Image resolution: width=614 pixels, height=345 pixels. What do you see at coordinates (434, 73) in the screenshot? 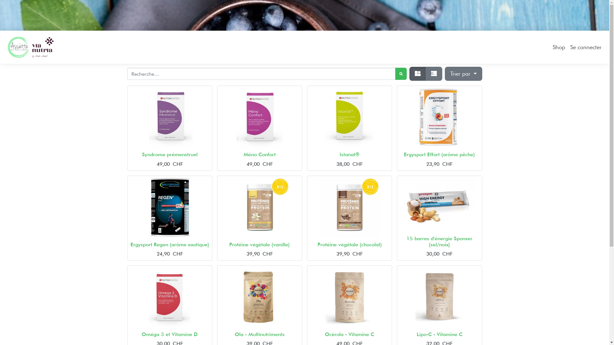
I see `'Liste'` at bounding box center [434, 73].